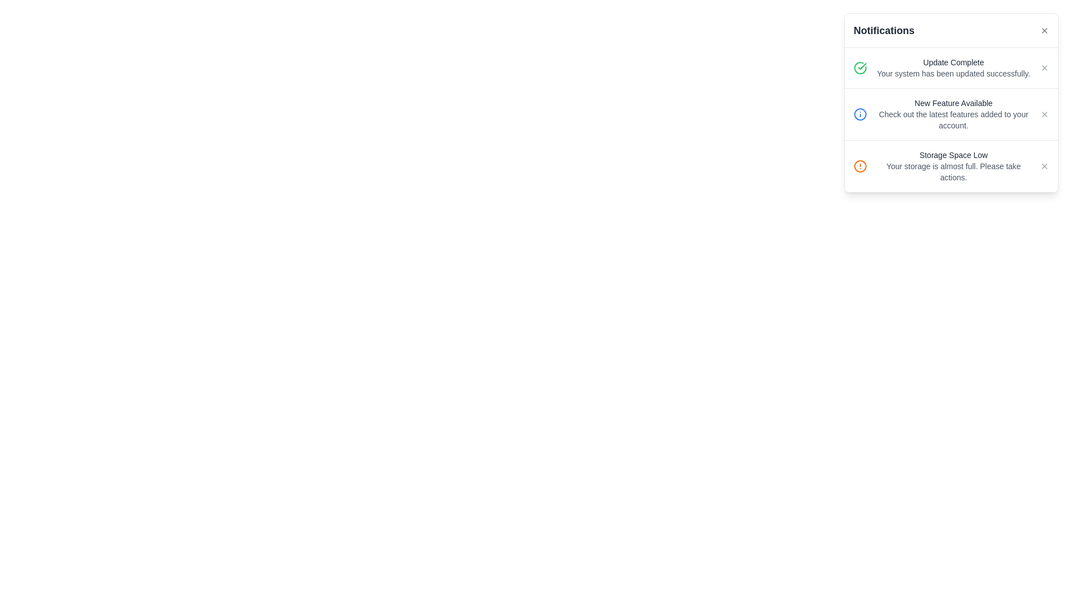  I want to click on the small gray 'X' icon button located in the top-right corner of the 'Notifications' header section to change its color to red, so click(1044, 30).